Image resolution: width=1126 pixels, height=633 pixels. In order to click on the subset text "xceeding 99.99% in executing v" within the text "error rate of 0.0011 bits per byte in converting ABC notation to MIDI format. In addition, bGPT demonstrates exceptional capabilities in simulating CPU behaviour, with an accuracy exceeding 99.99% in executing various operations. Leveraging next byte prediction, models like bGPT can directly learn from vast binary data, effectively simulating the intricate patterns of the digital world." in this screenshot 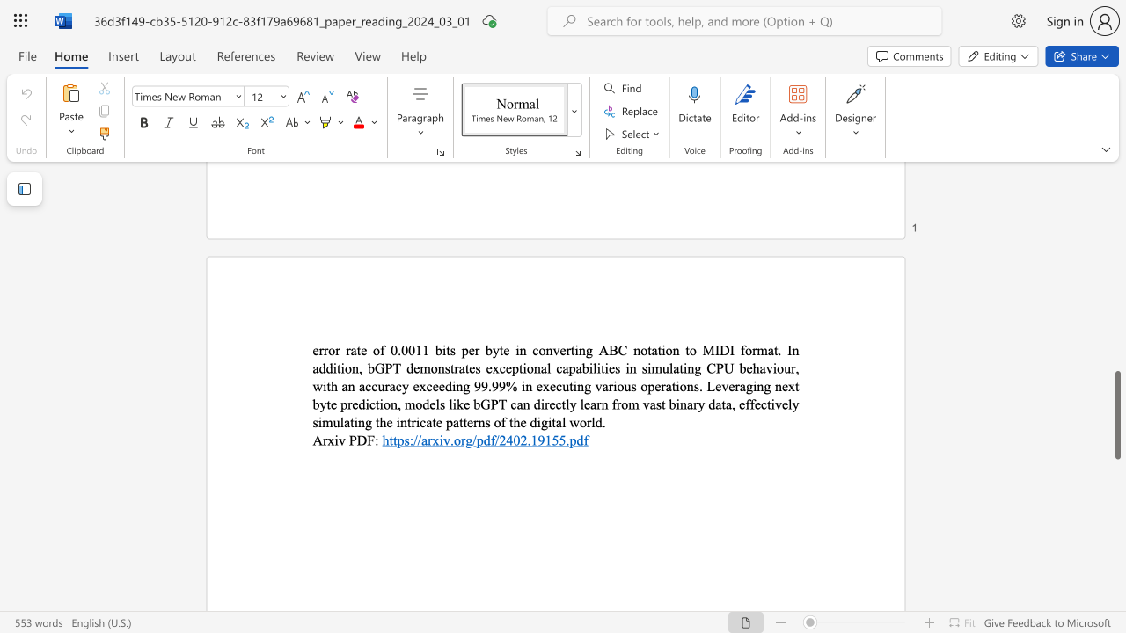, I will do `click(418, 385)`.